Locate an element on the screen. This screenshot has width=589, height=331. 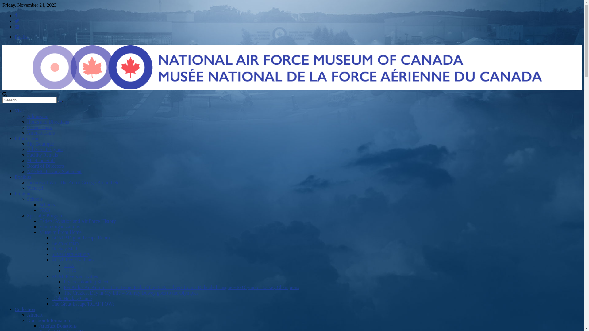
'RCAF Exercise Plans' is located at coordinates (73, 260).